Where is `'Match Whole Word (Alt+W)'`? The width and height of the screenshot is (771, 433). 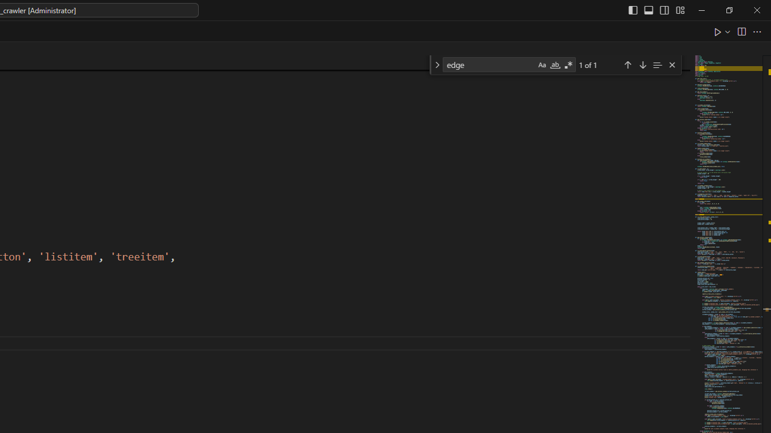
'Match Whole Word (Alt+W)' is located at coordinates (554, 65).